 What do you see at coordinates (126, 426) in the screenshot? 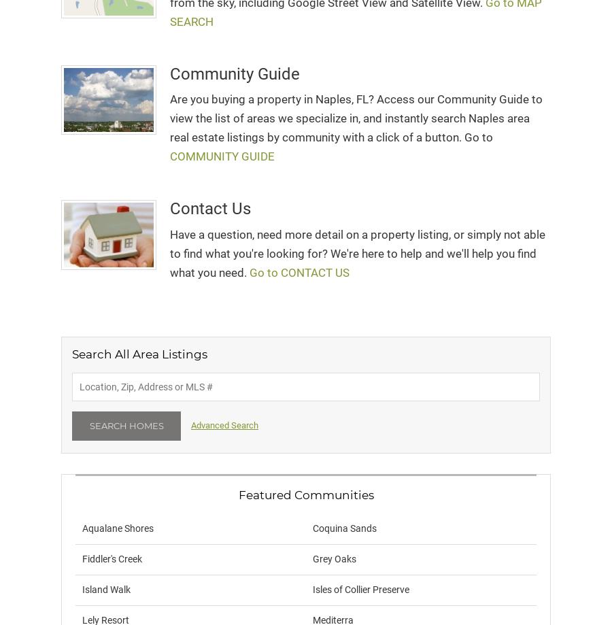
I see `'Search Homes'` at bounding box center [126, 426].